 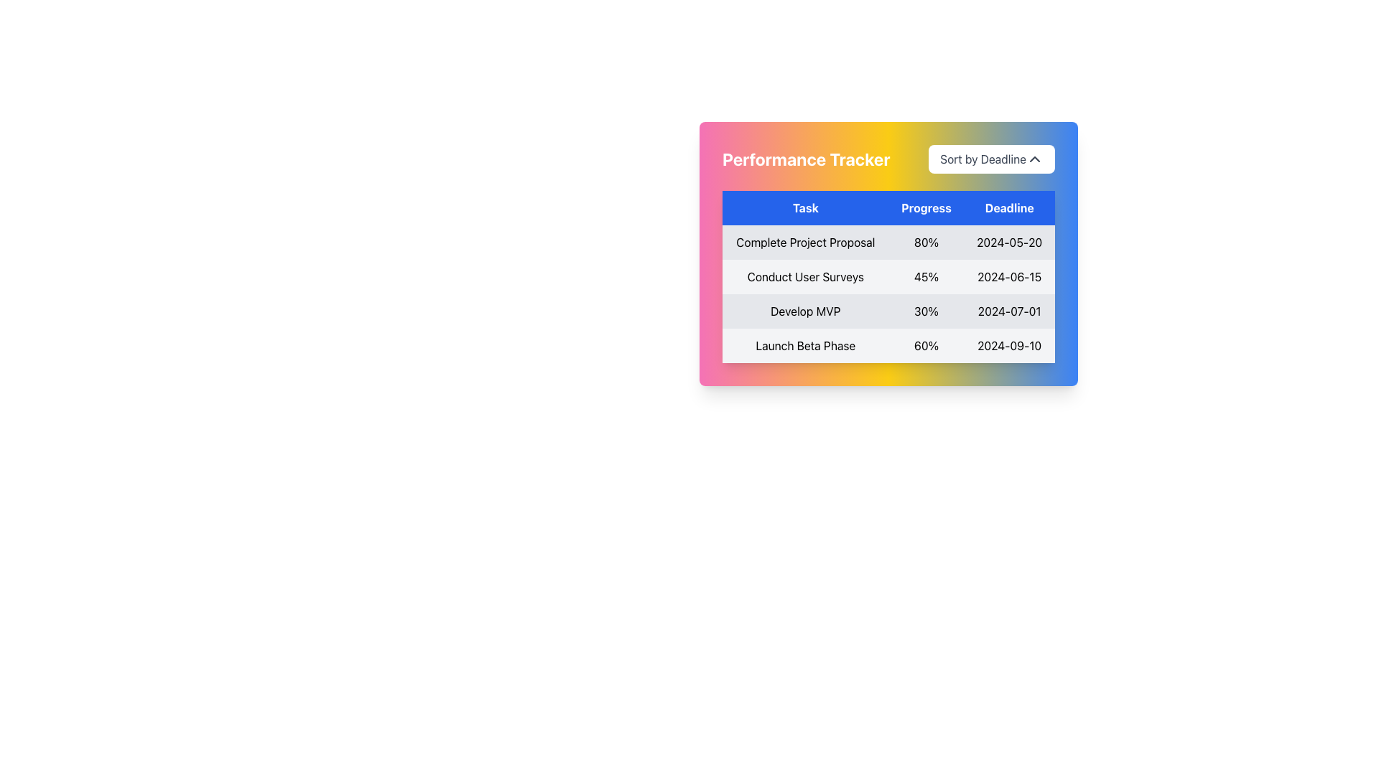 I want to click on the 'Progress' text label, which is part of the header row in a data table, displaying bold white text on a blue background, so click(x=927, y=207).